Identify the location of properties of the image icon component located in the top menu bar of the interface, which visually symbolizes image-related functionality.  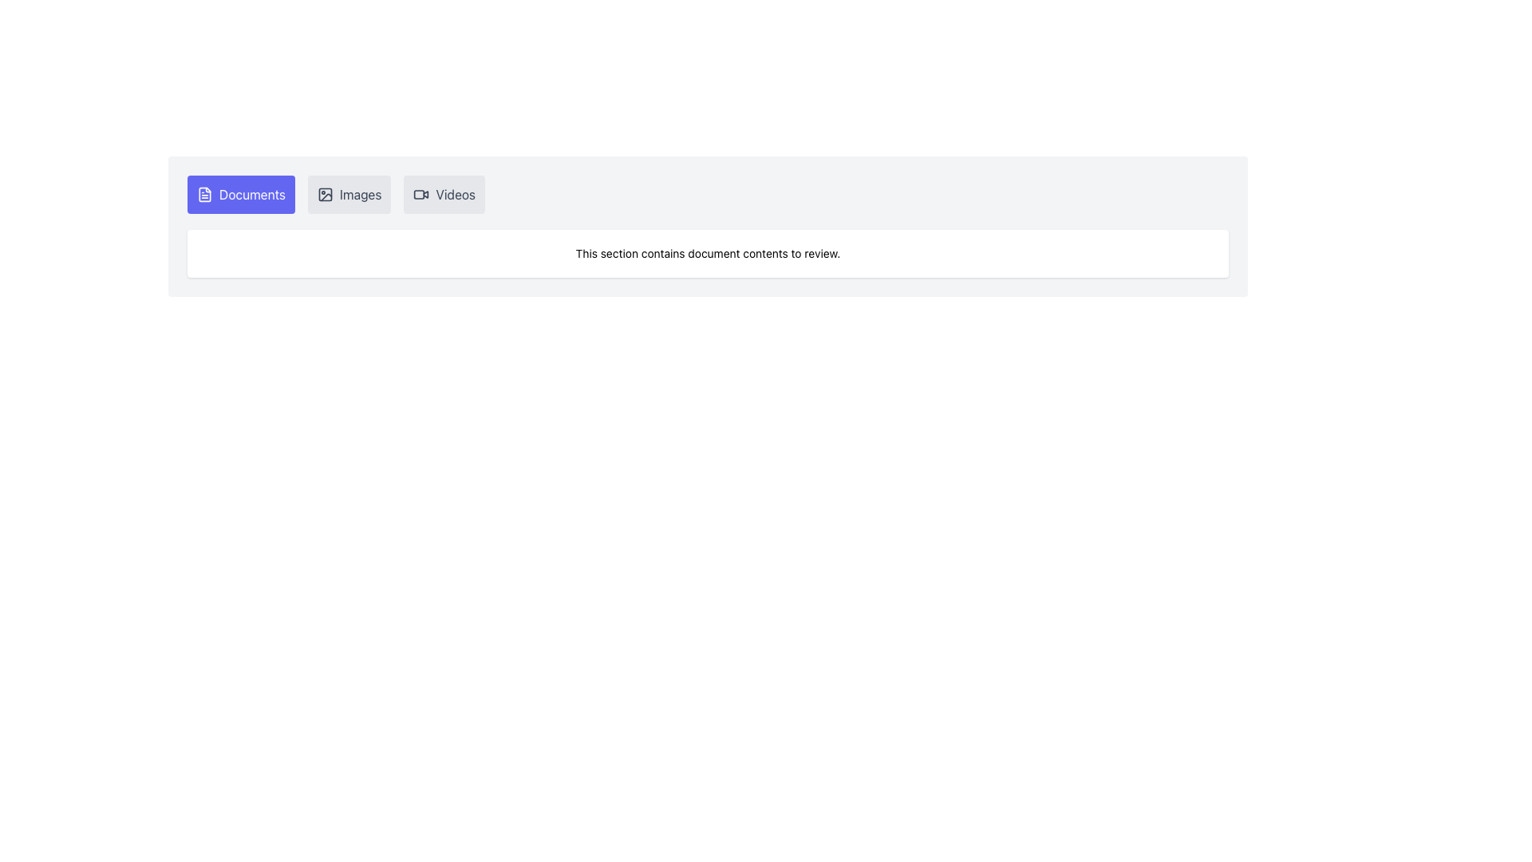
(325, 193).